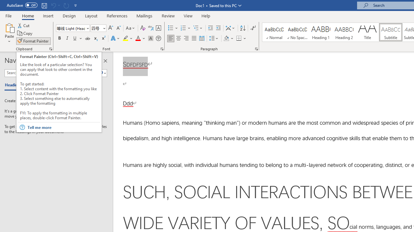 The image size is (414, 232). What do you see at coordinates (214, 38) in the screenshot?
I see `'Line and Paragraph Spacing'` at bounding box center [214, 38].